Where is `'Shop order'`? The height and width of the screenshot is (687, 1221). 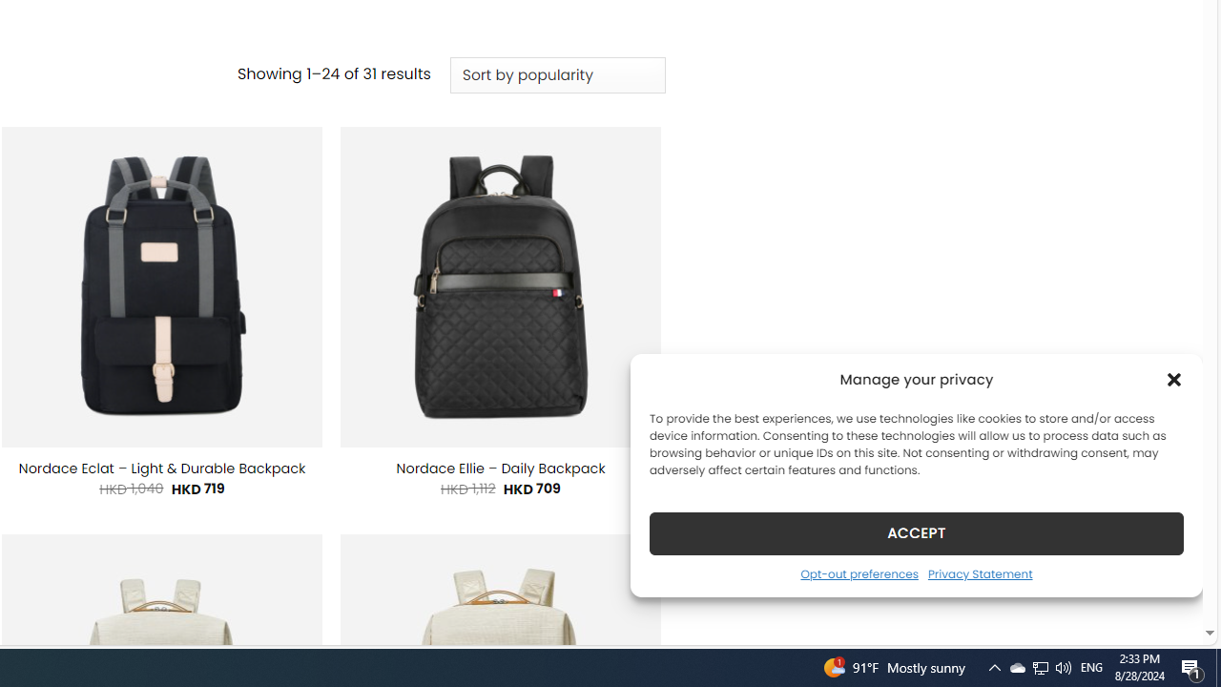 'Shop order' is located at coordinates (556, 74).